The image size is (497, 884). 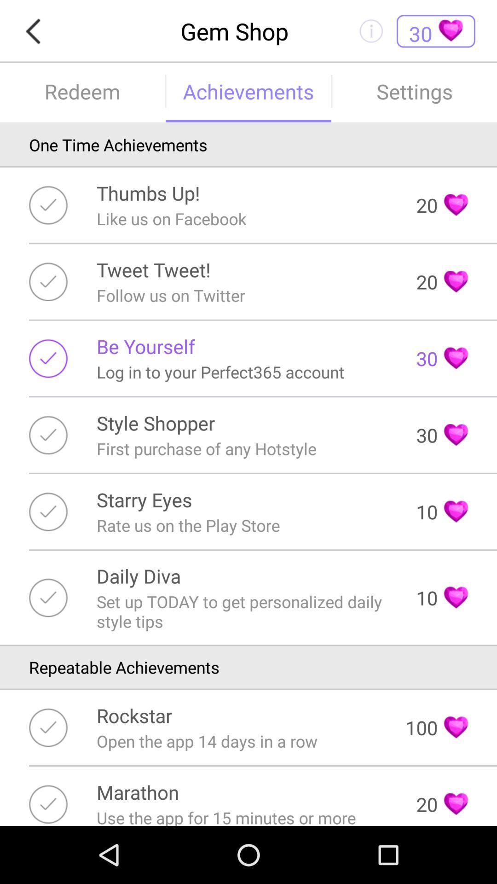 I want to click on the item next to the gem shop item, so click(x=35, y=31).